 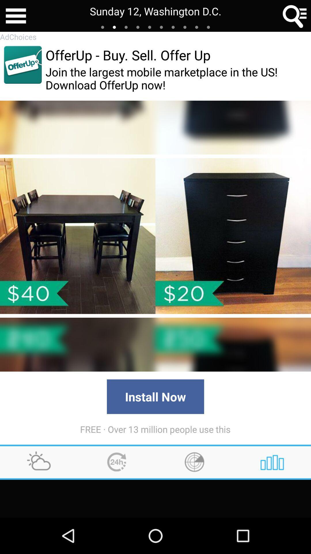 What do you see at coordinates (22, 65) in the screenshot?
I see `advertisement button` at bounding box center [22, 65].